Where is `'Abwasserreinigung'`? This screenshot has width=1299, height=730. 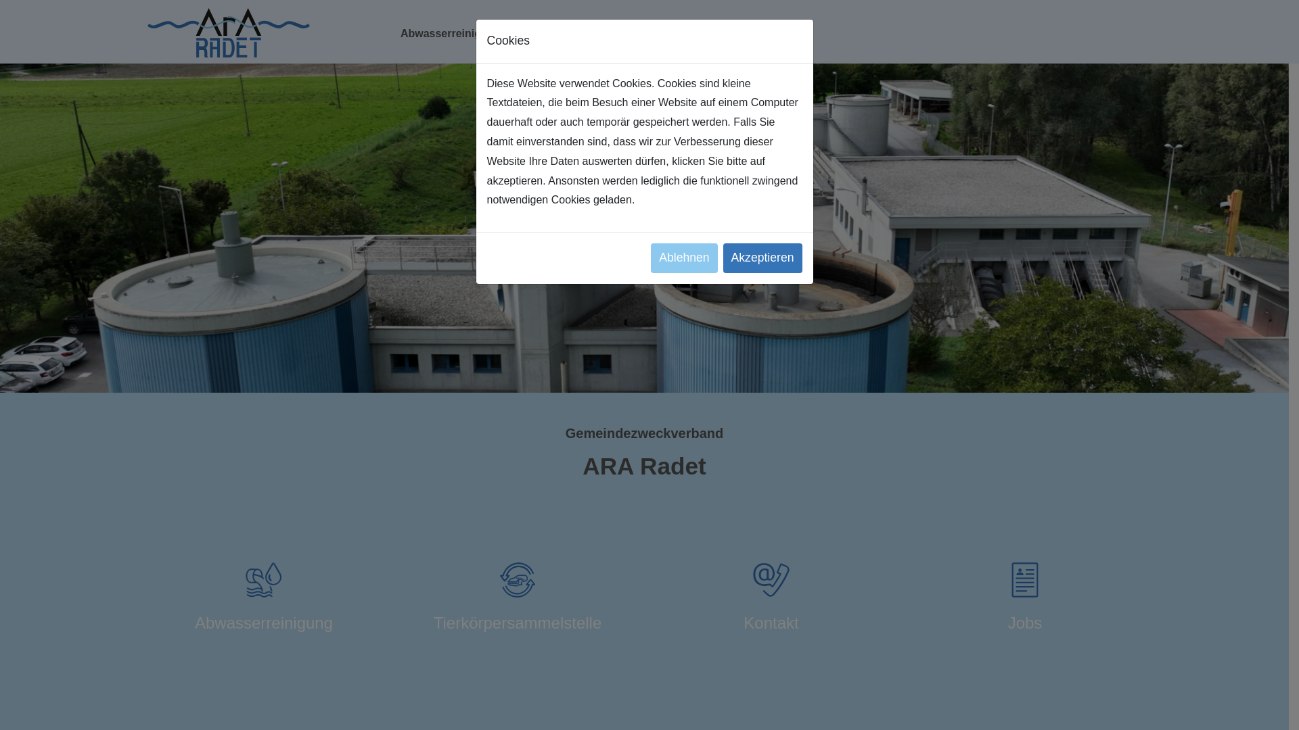 'Abwasserreinigung' is located at coordinates (264, 604).